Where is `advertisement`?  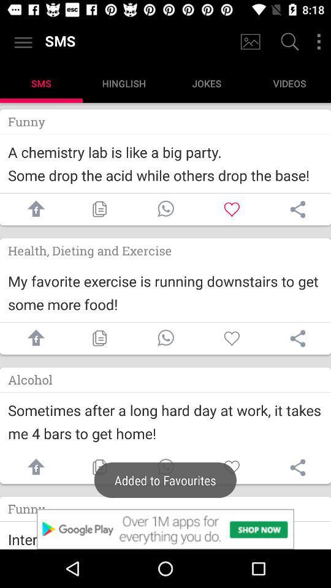 advertisement is located at coordinates (165, 529).